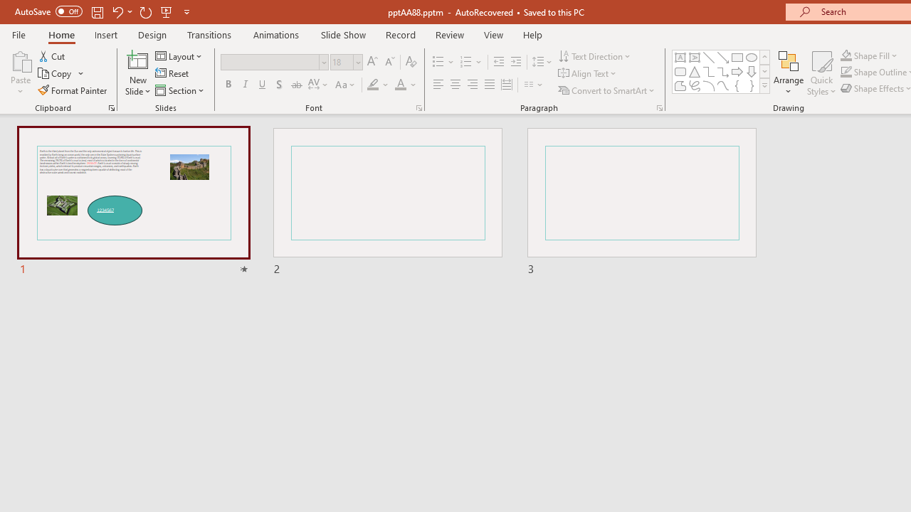  What do you see at coordinates (20, 73) in the screenshot?
I see `'Paste'` at bounding box center [20, 73].